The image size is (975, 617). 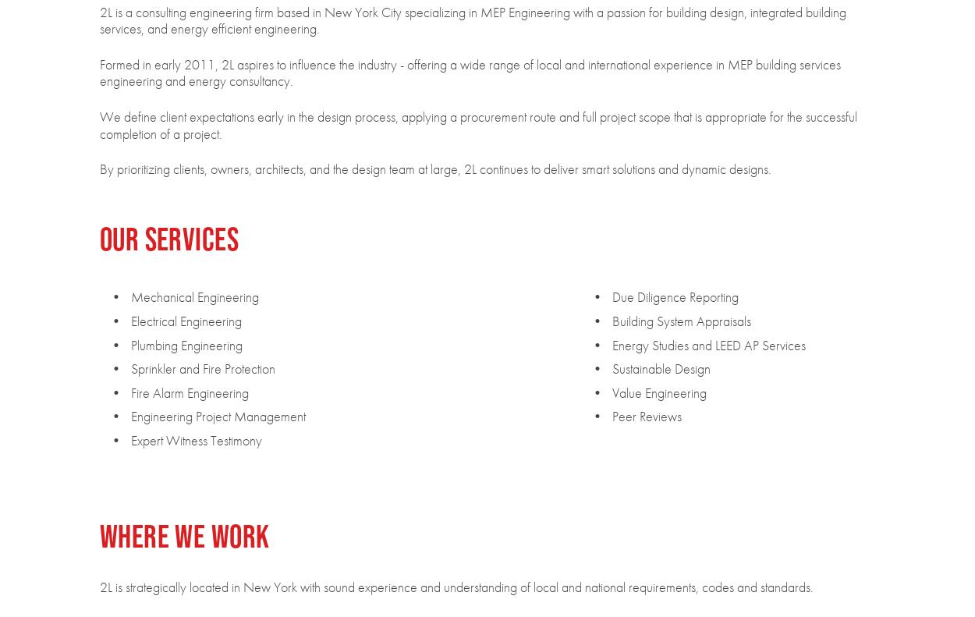 I want to click on 'Due Diligence Reporting', so click(x=673, y=296).